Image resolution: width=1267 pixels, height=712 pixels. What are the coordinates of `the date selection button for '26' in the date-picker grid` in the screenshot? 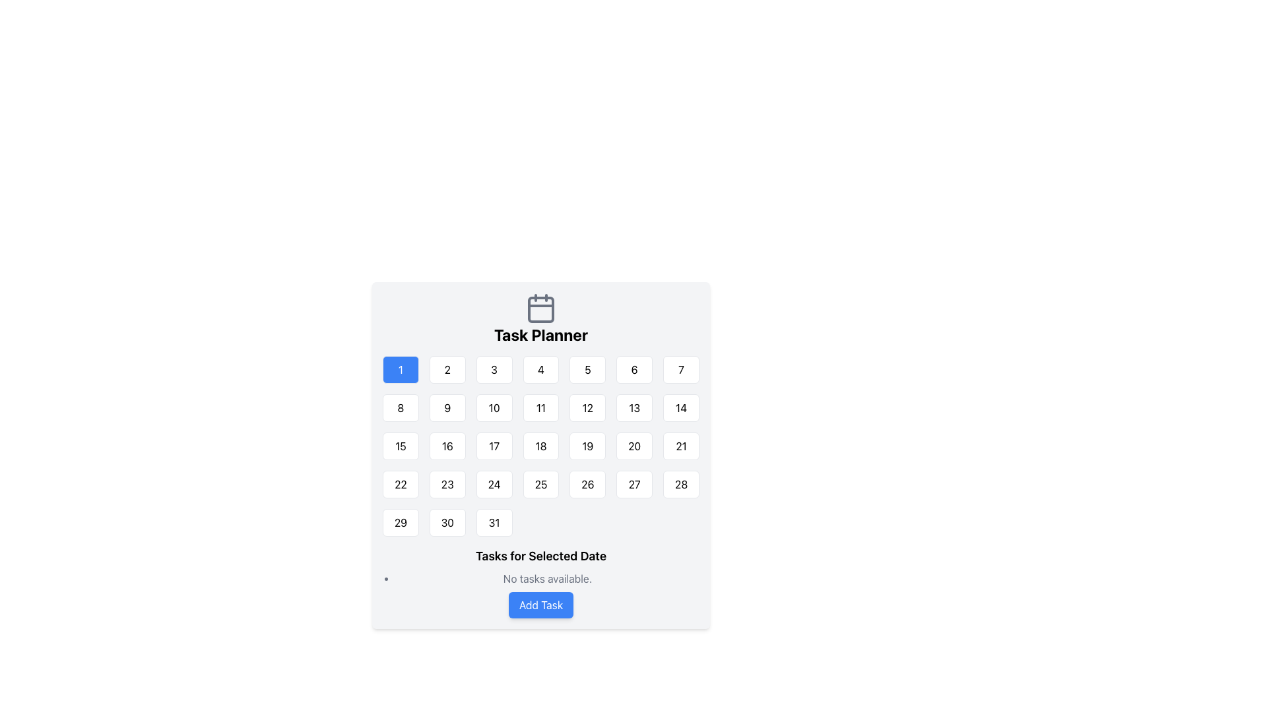 It's located at (587, 485).